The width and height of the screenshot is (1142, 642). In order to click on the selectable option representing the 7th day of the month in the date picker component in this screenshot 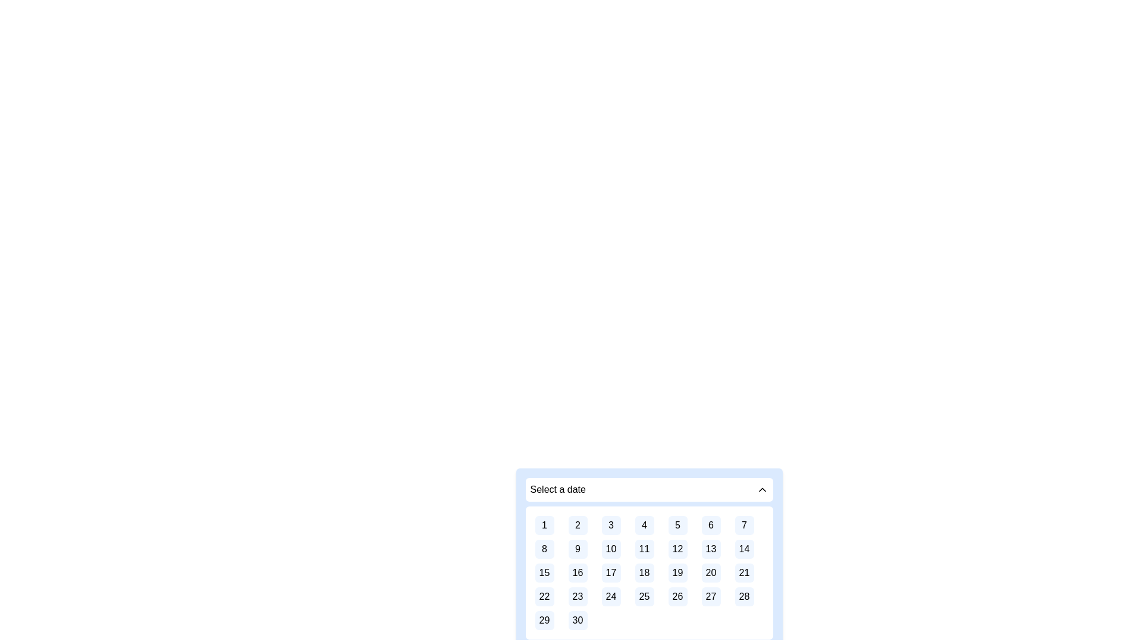, I will do `click(743, 524)`.